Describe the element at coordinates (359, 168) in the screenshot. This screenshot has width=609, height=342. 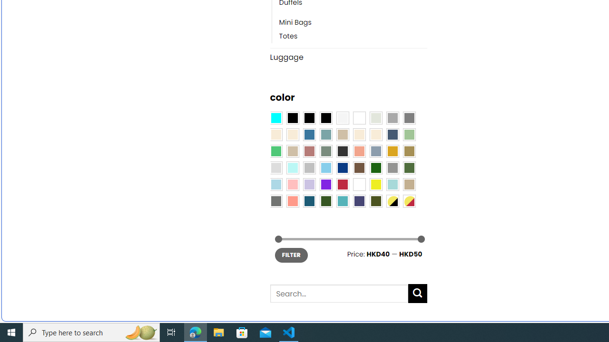
I see `'Brown'` at that location.